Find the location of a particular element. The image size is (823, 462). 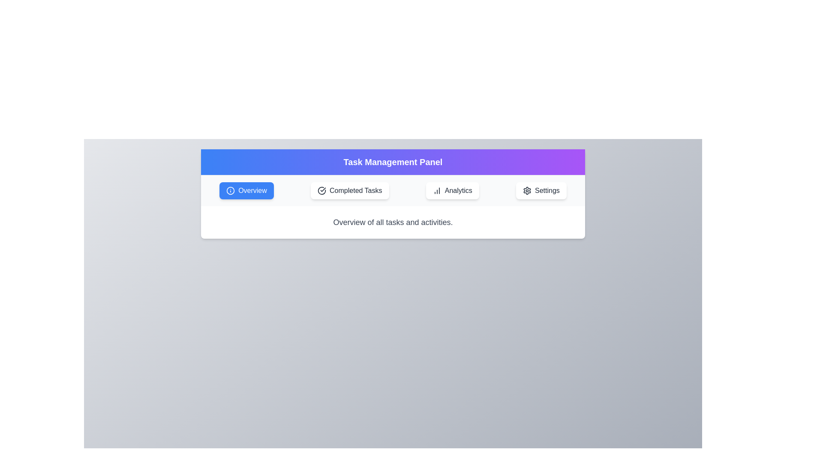

the vertical bar chart icon that is part of the 'Analytics' button in the top navigation bar, located on the left side adjacent to the text 'Analytics' is located at coordinates (437, 190).